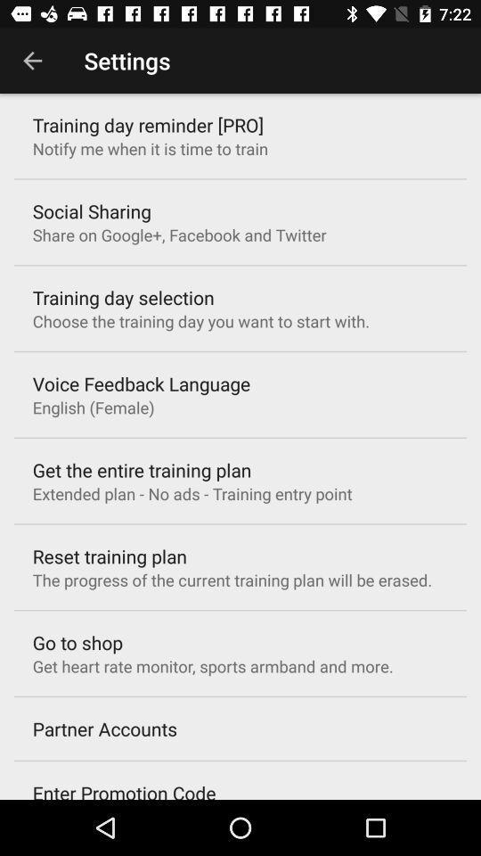  Describe the element at coordinates (232, 579) in the screenshot. I see `the the progress of icon` at that location.